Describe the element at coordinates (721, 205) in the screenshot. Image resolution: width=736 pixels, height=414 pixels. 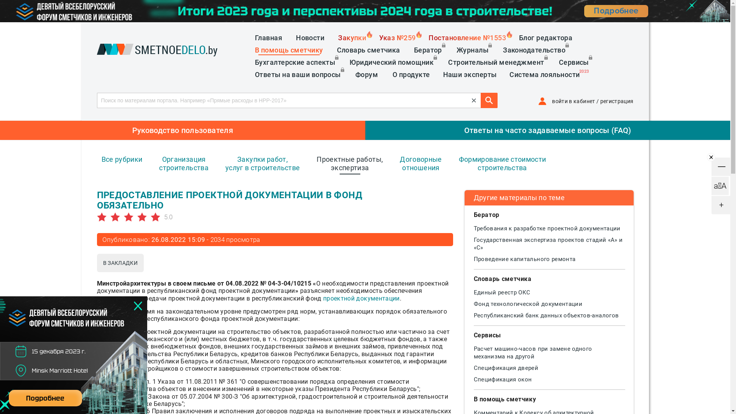
I see `'+'` at that location.